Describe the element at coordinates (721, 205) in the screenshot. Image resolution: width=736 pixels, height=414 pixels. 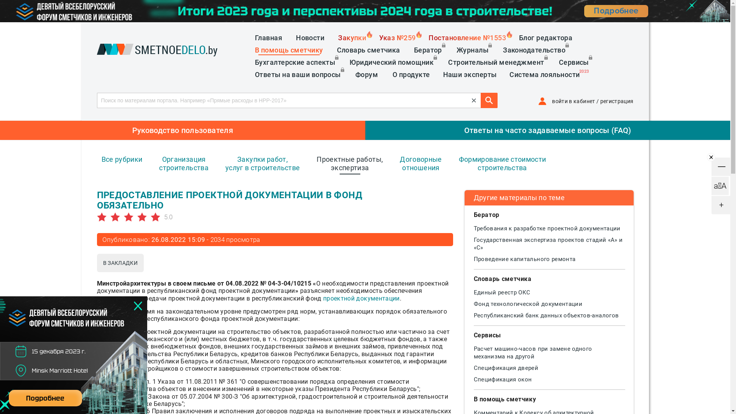
I see `'+'` at that location.